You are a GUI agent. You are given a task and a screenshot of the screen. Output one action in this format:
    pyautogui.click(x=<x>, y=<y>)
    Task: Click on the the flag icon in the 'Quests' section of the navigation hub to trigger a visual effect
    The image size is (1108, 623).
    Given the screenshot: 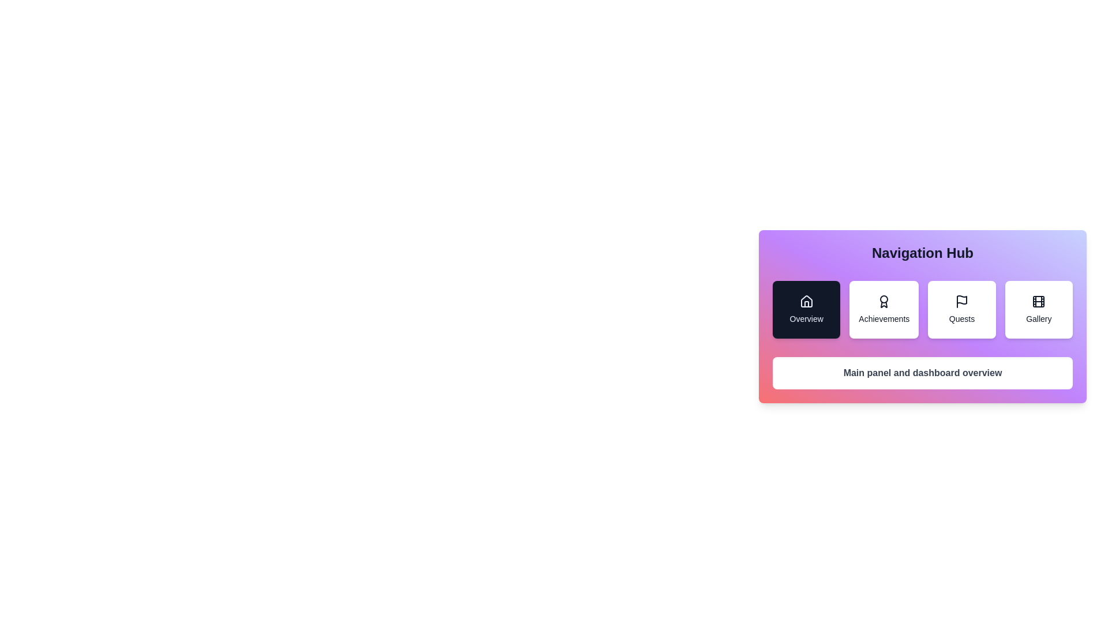 What is the action you would take?
    pyautogui.click(x=961, y=299)
    